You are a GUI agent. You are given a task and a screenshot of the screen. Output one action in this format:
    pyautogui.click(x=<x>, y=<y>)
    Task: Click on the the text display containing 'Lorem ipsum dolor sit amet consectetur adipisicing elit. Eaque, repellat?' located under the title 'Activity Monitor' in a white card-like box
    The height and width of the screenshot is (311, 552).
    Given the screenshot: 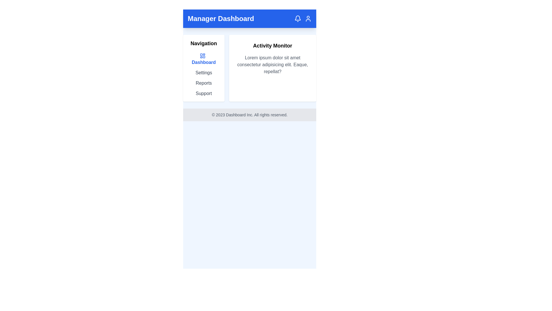 What is the action you would take?
    pyautogui.click(x=272, y=65)
    